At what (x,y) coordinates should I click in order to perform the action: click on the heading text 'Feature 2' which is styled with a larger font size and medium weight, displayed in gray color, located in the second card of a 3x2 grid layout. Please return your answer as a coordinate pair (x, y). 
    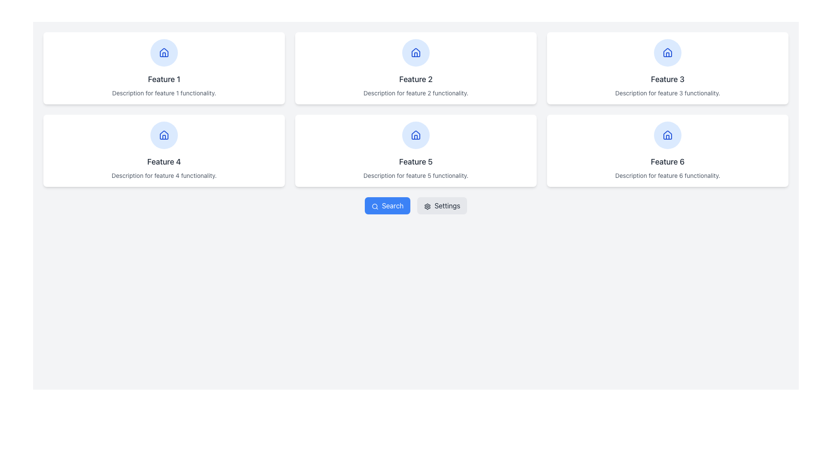
    Looking at the image, I should click on (416, 79).